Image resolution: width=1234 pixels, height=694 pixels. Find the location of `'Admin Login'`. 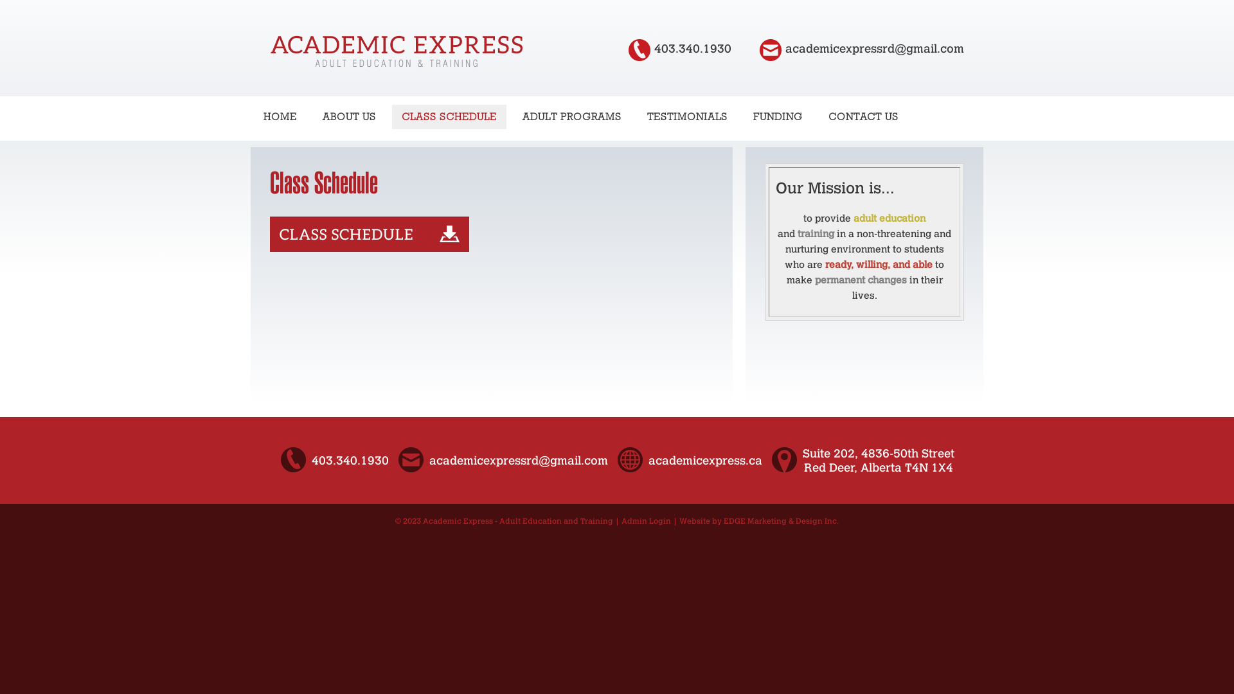

'Admin Login' is located at coordinates (646, 520).